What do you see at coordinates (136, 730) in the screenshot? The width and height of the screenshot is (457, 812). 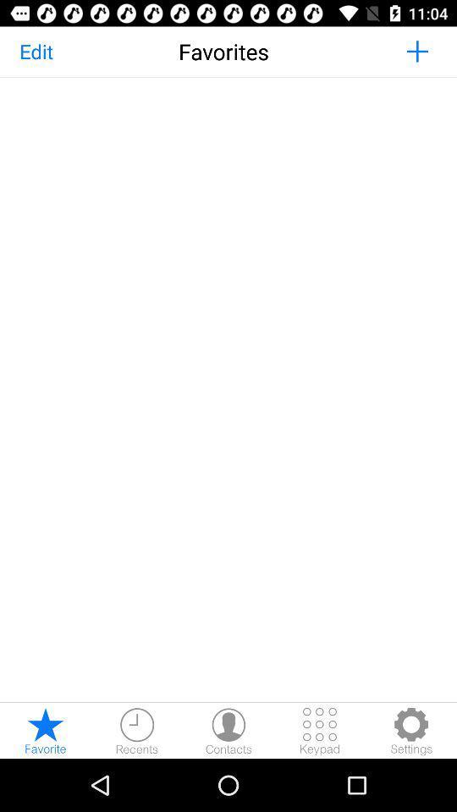 I see `recently viewed` at bounding box center [136, 730].